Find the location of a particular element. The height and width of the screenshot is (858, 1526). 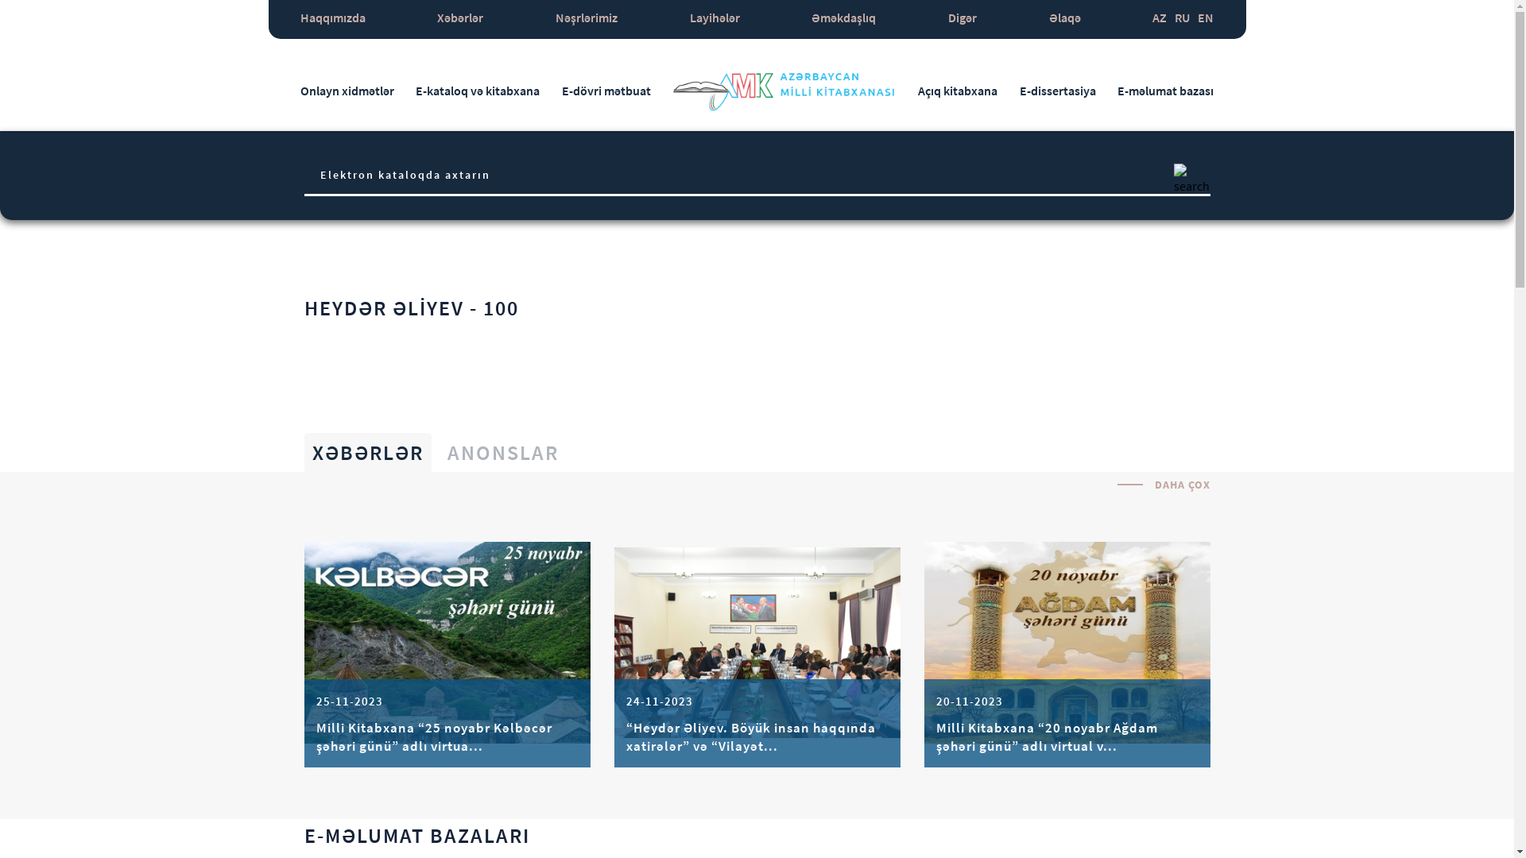

'AZ' is located at coordinates (1160, 19).